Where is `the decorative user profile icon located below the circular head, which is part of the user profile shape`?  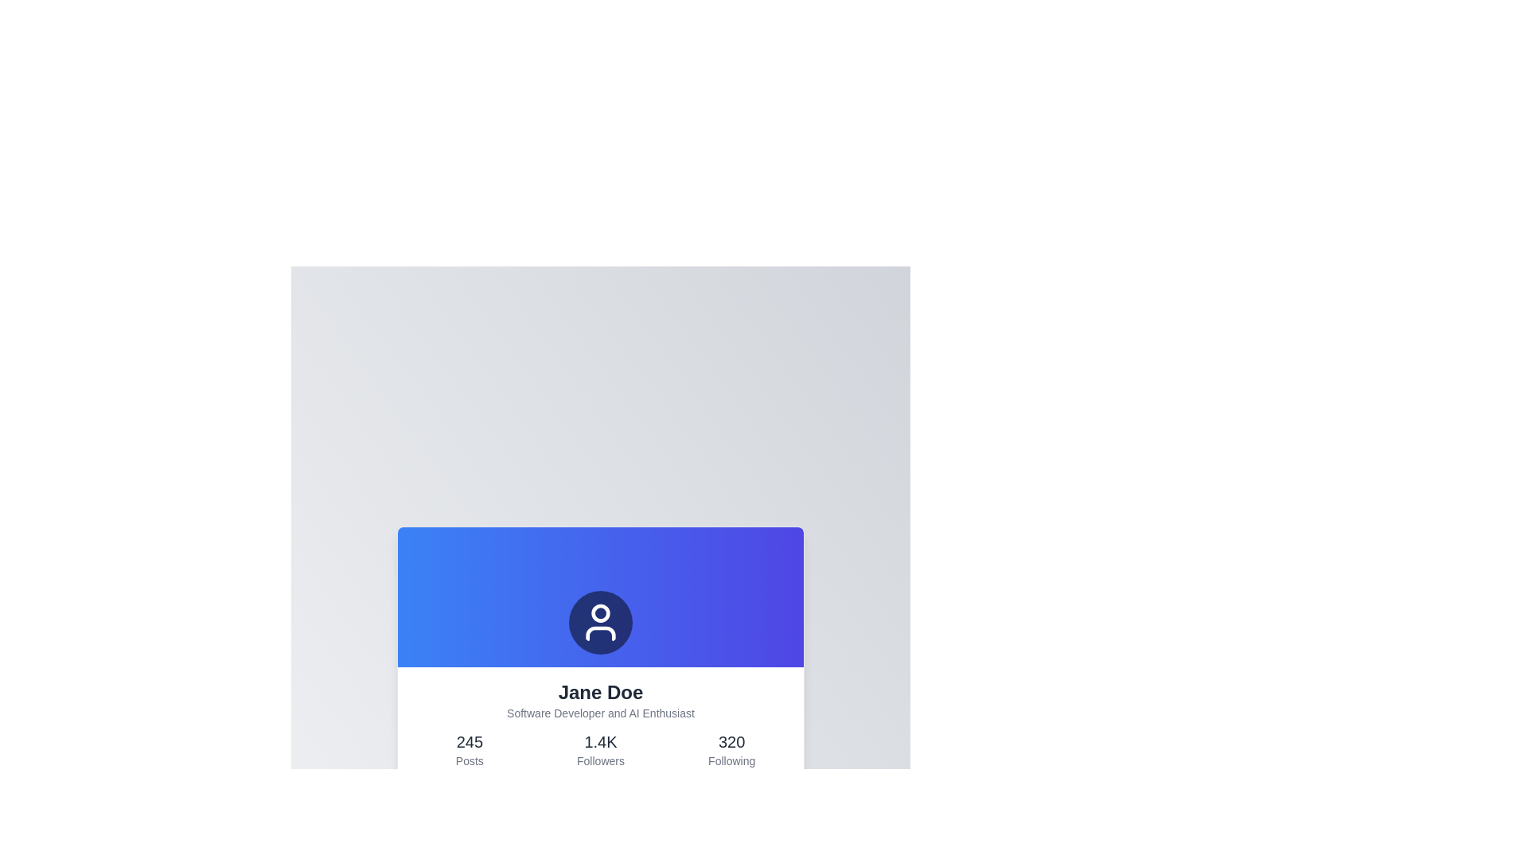 the decorative user profile icon located below the circular head, which is part of the user profile shape is located at coordinates (599, 633).